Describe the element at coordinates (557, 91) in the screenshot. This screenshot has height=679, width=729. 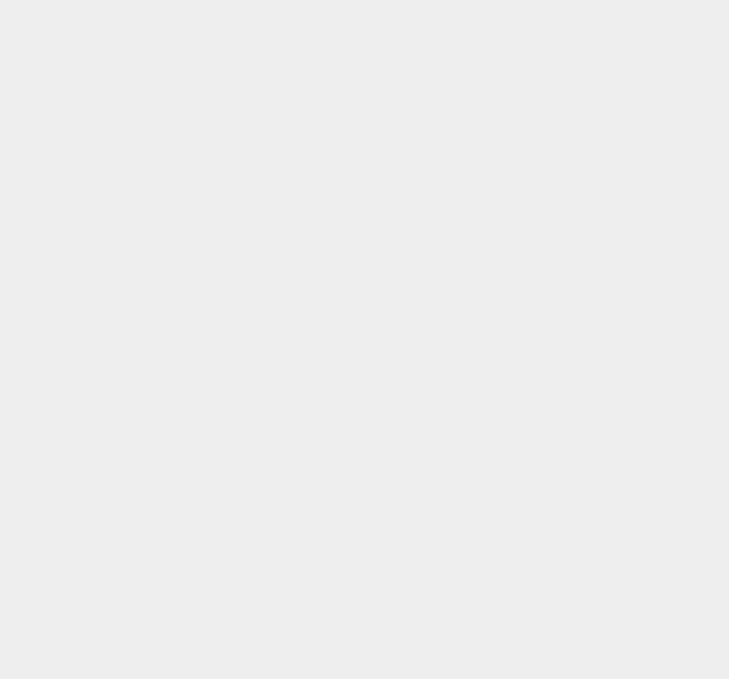
I see `'Windows Server 2012'` at that location.